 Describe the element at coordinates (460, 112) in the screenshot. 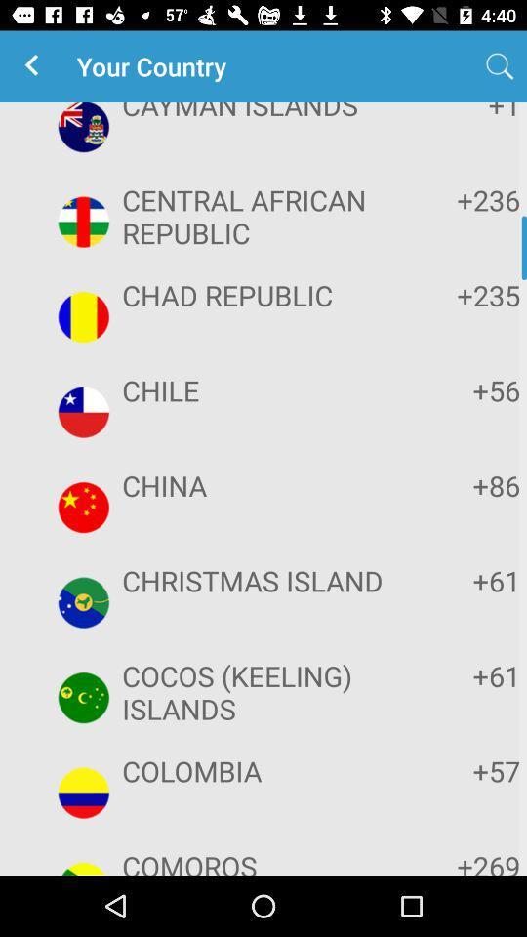

I see `app above the central african republic` at that location.